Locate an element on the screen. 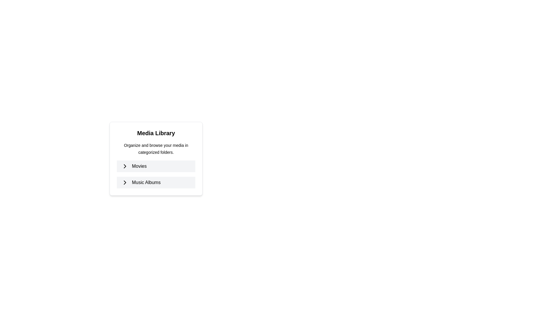  the right-facing chevron icon next to the 'Movies' text label is located at coordinates (125, 166).